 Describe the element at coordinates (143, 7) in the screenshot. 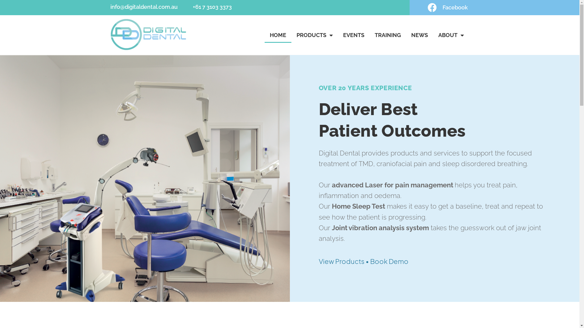

I see `'info@digitaldental.com.au'` at that location.